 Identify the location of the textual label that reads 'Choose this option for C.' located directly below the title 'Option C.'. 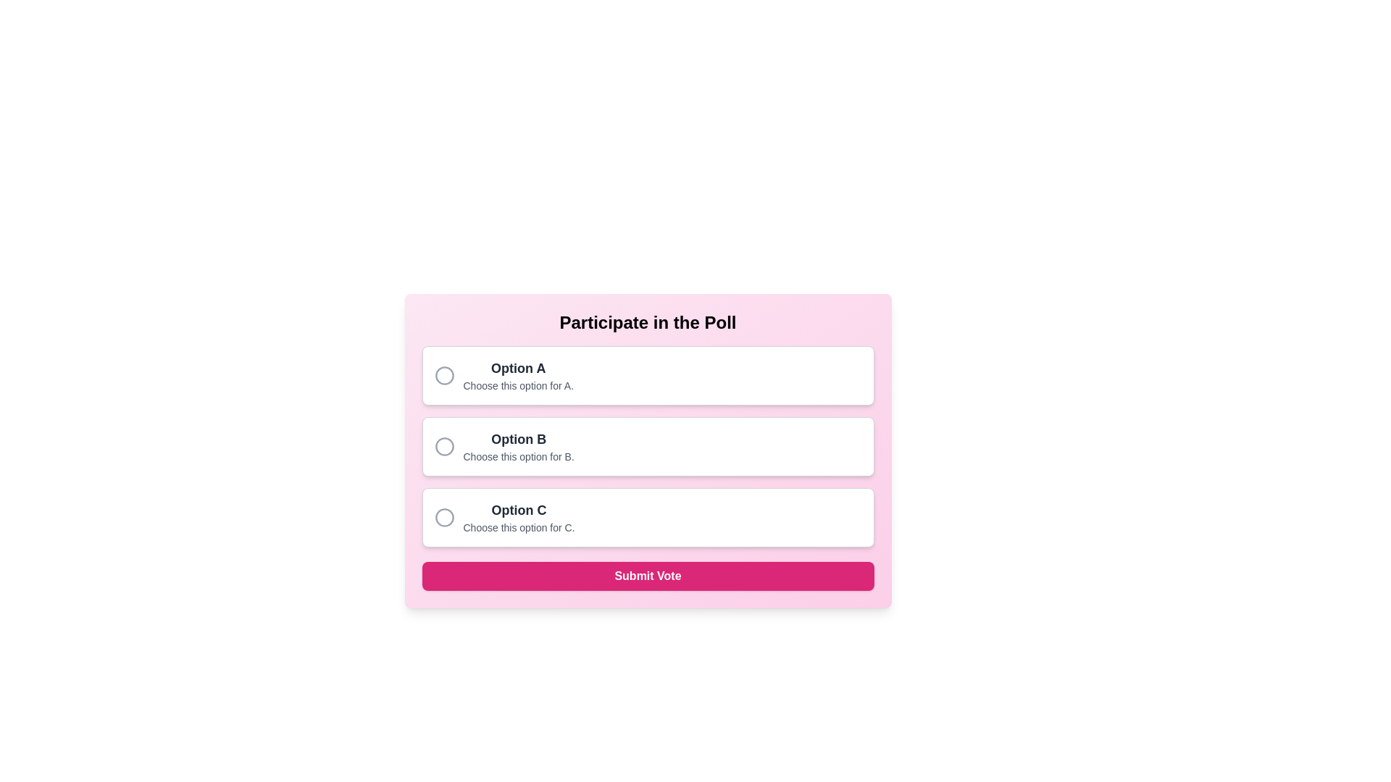
(519, 528).